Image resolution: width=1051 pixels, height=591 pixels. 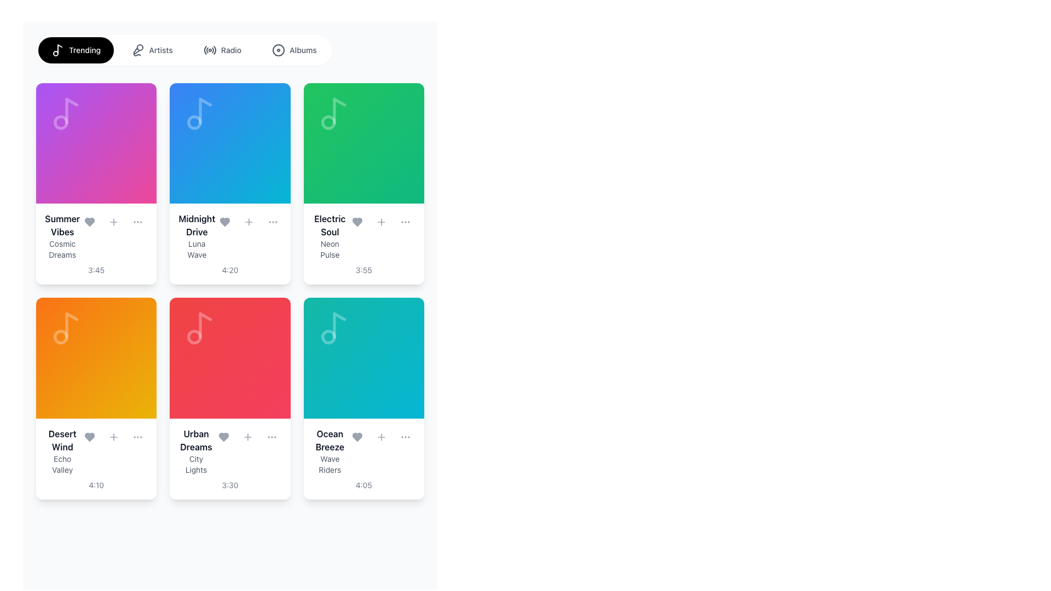 I want to click on the Decorative SVG Icon located beside the 'Albums' text in the navigation bar, which is a circular icon with a hollow center and thin border, so click(x=279, y=50).